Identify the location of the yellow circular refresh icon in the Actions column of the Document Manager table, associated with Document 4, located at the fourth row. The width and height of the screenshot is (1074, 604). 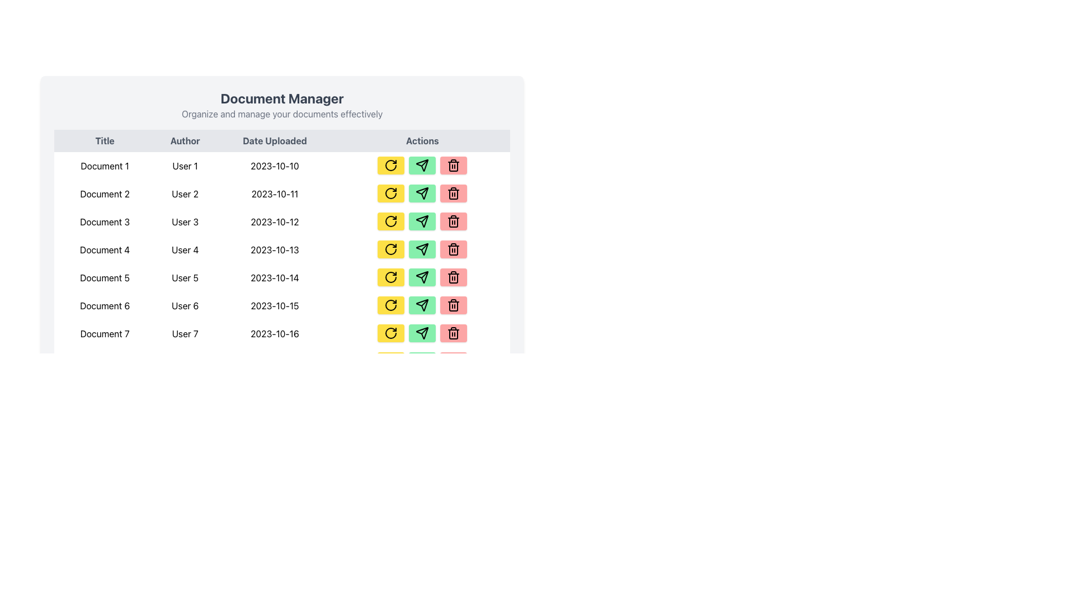
(391, 249).